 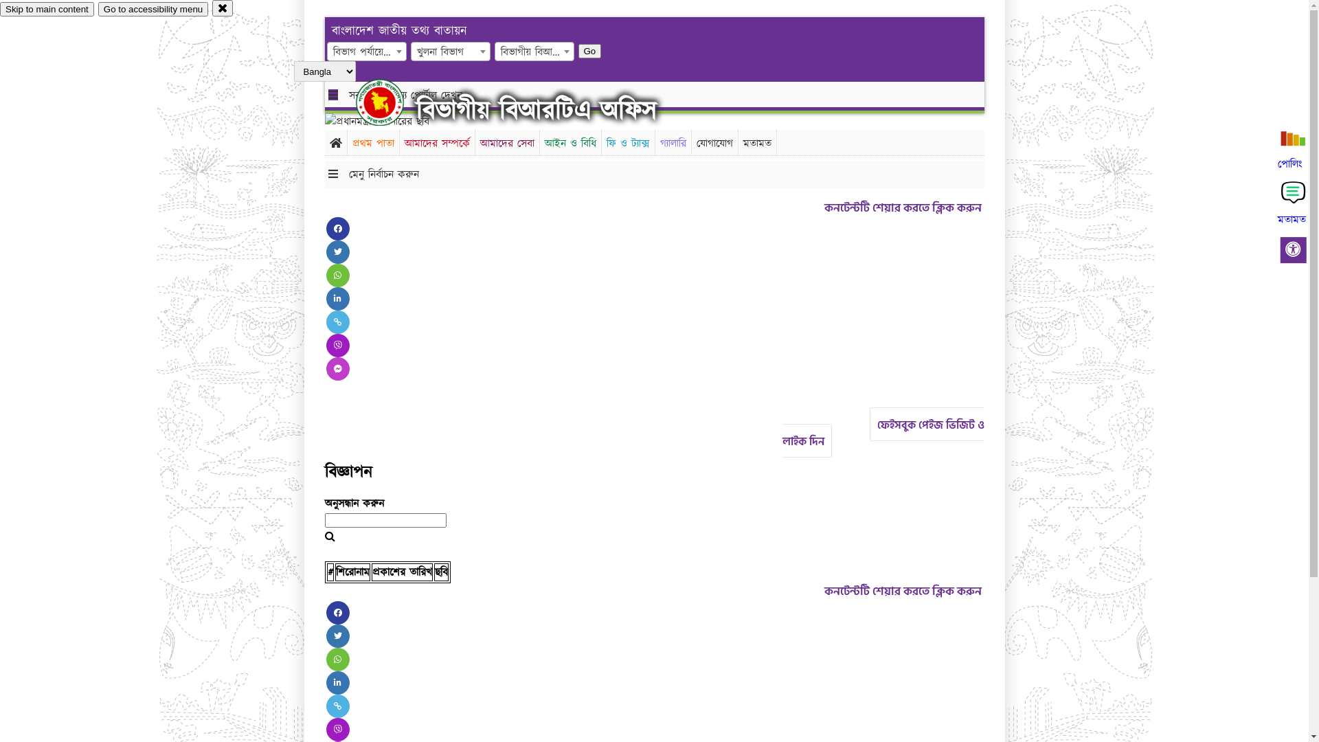 I want to click on 'Go', so click(x=578, y=50).